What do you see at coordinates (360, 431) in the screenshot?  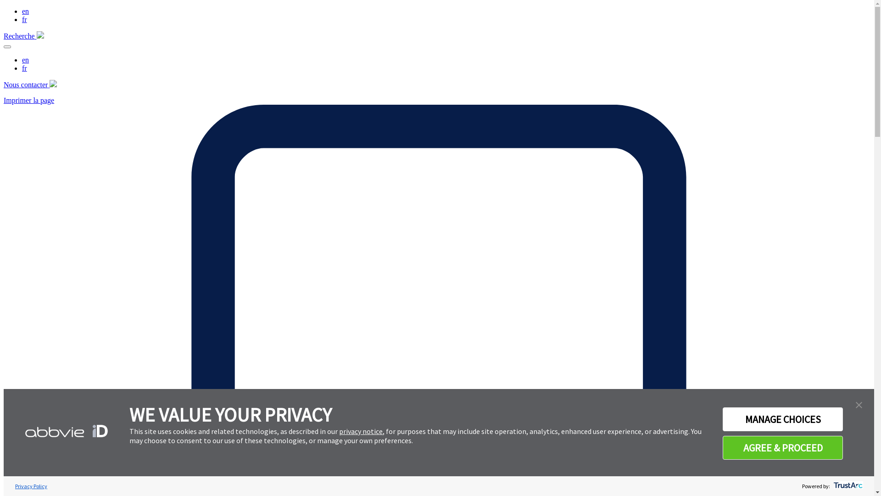 I see `'privacy notice'` at bounding box center [360, 431].